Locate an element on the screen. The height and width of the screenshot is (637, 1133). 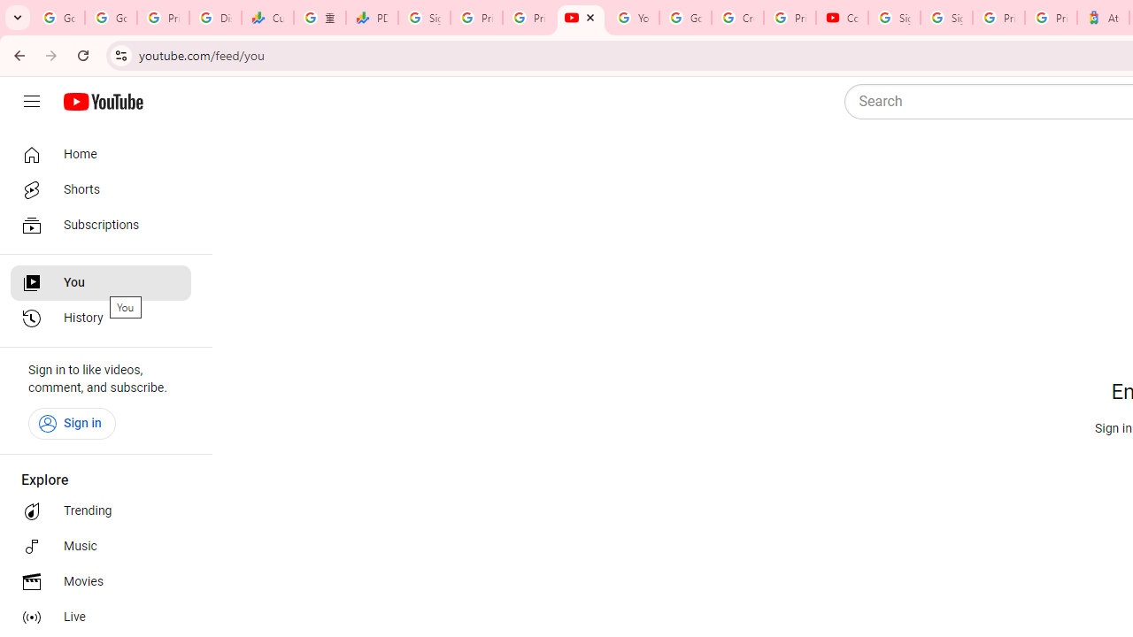
'Create your Google Account' is located at coordinates (737, 18).